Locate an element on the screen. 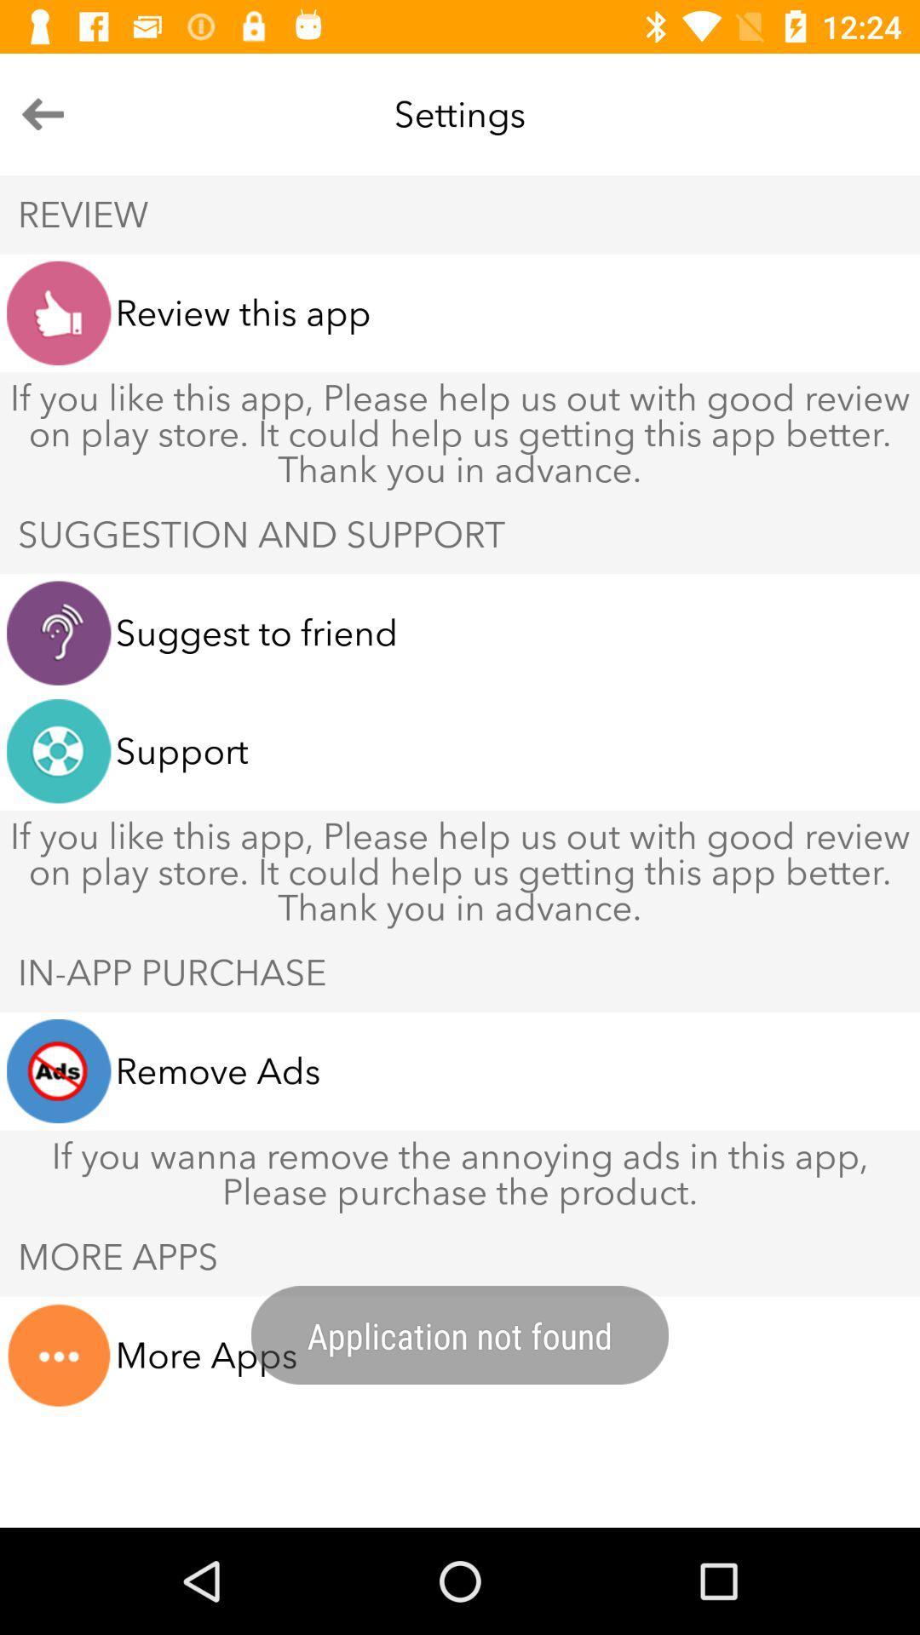 This screenshot has width=920, height=1635. go back is located at coordinates (42, 113).